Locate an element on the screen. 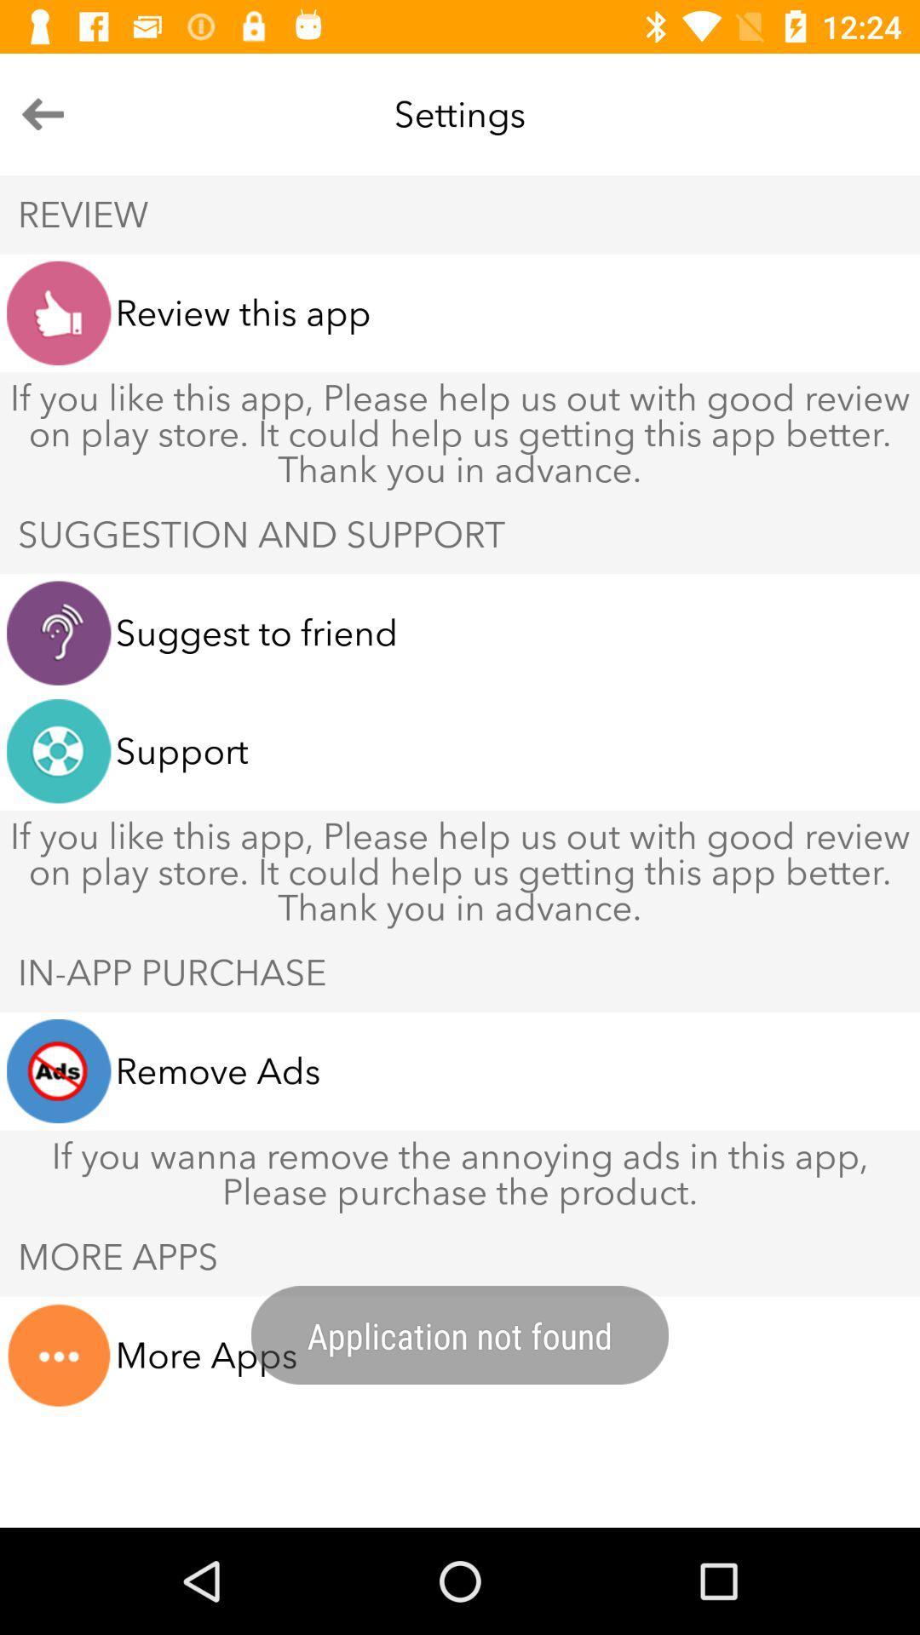 This screenshot has width=920, height=1635. go back is located at coordinates (42, 113).